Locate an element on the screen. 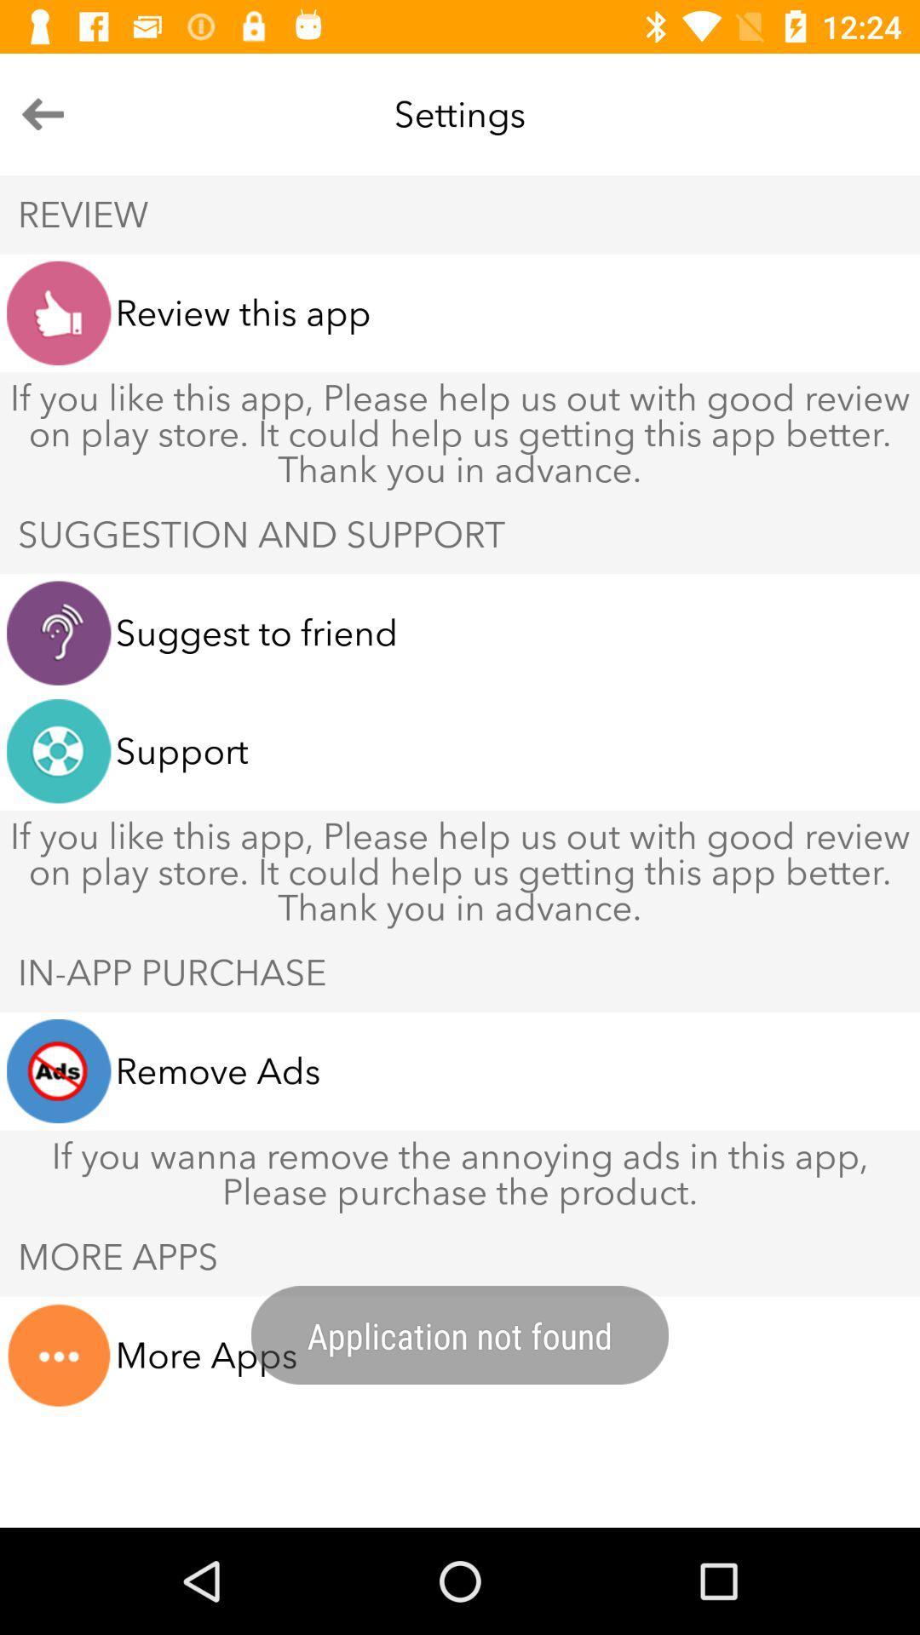 This screenshot has width=920, height=1635. go back is located at coordinates (42, 113).